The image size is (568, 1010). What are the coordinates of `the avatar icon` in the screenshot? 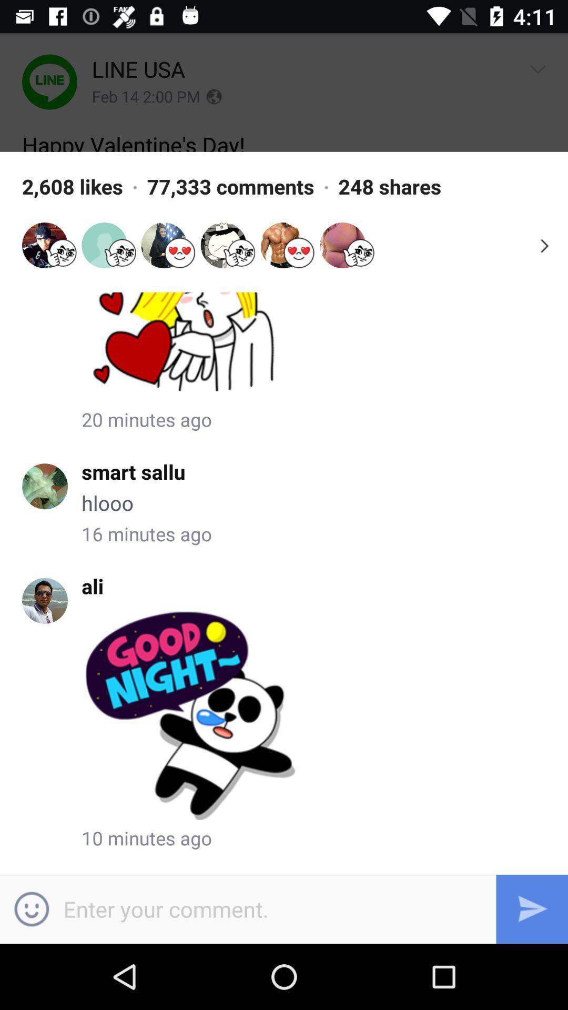 It's located at (49, 245).